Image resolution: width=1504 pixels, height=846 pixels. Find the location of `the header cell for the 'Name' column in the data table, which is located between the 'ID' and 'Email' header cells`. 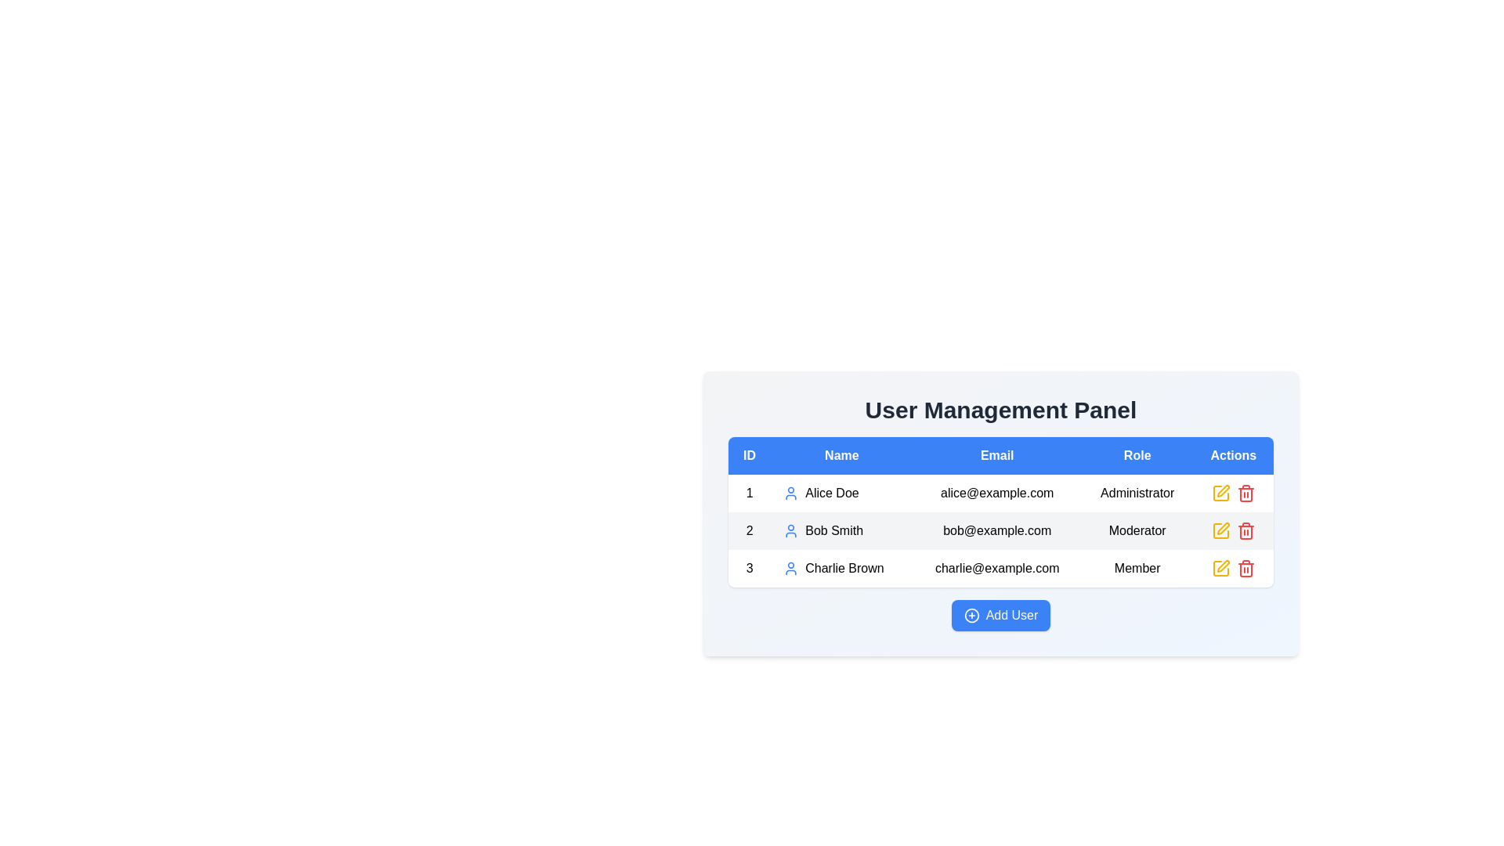

the header cell for the 'Name' column in the data table, which is located between the 'ID' and 'Email' header cells is located at coordinates (841, 456).